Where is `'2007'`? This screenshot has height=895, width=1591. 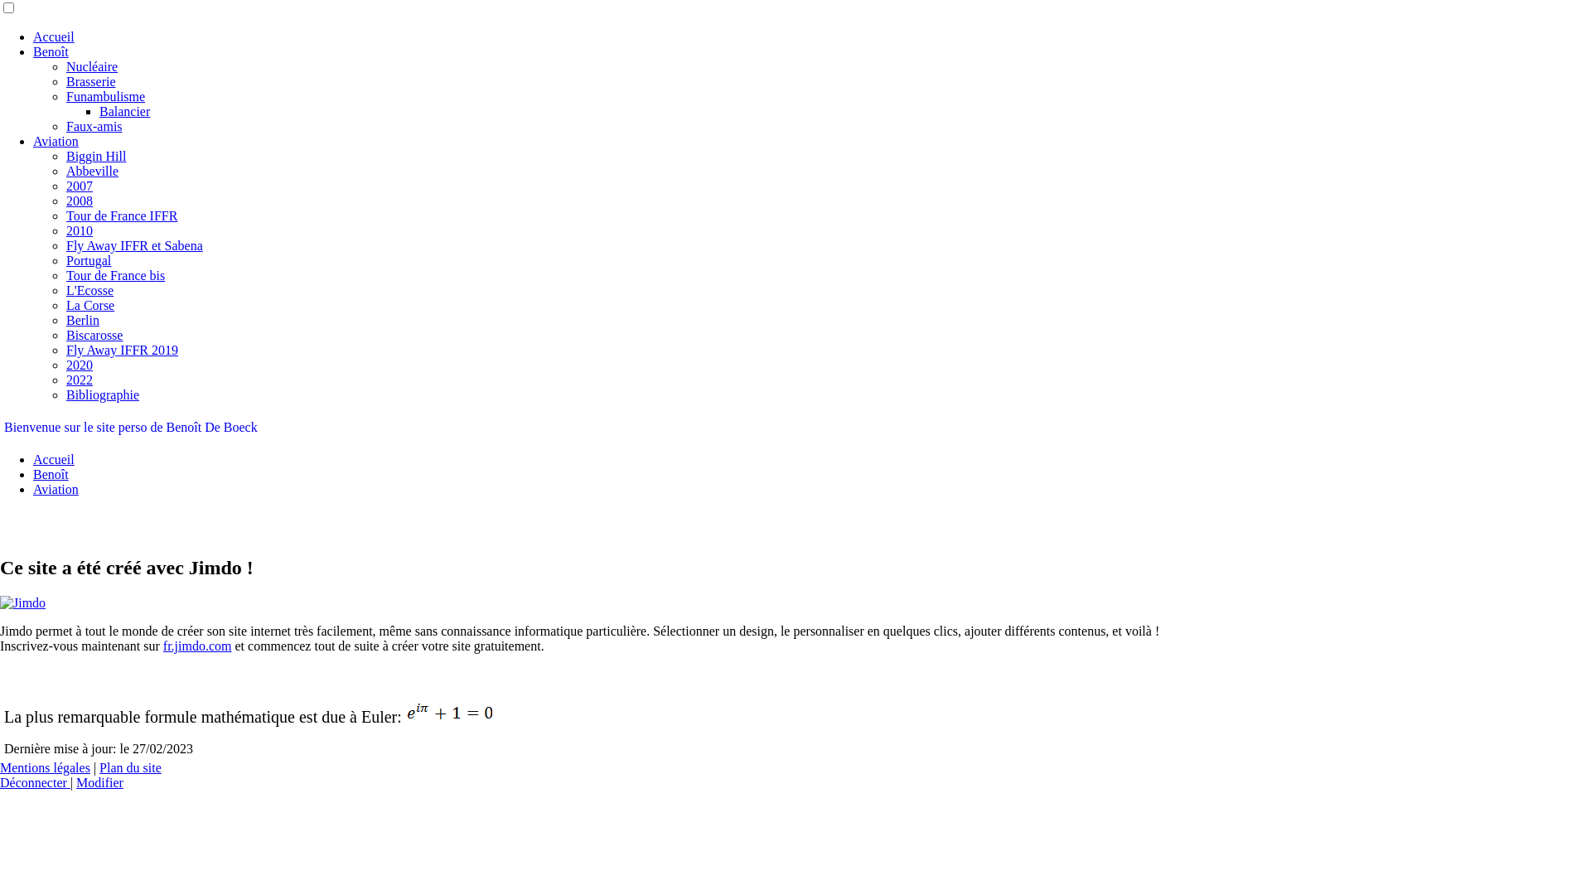 '2007' is located at coordinates (79, 186).